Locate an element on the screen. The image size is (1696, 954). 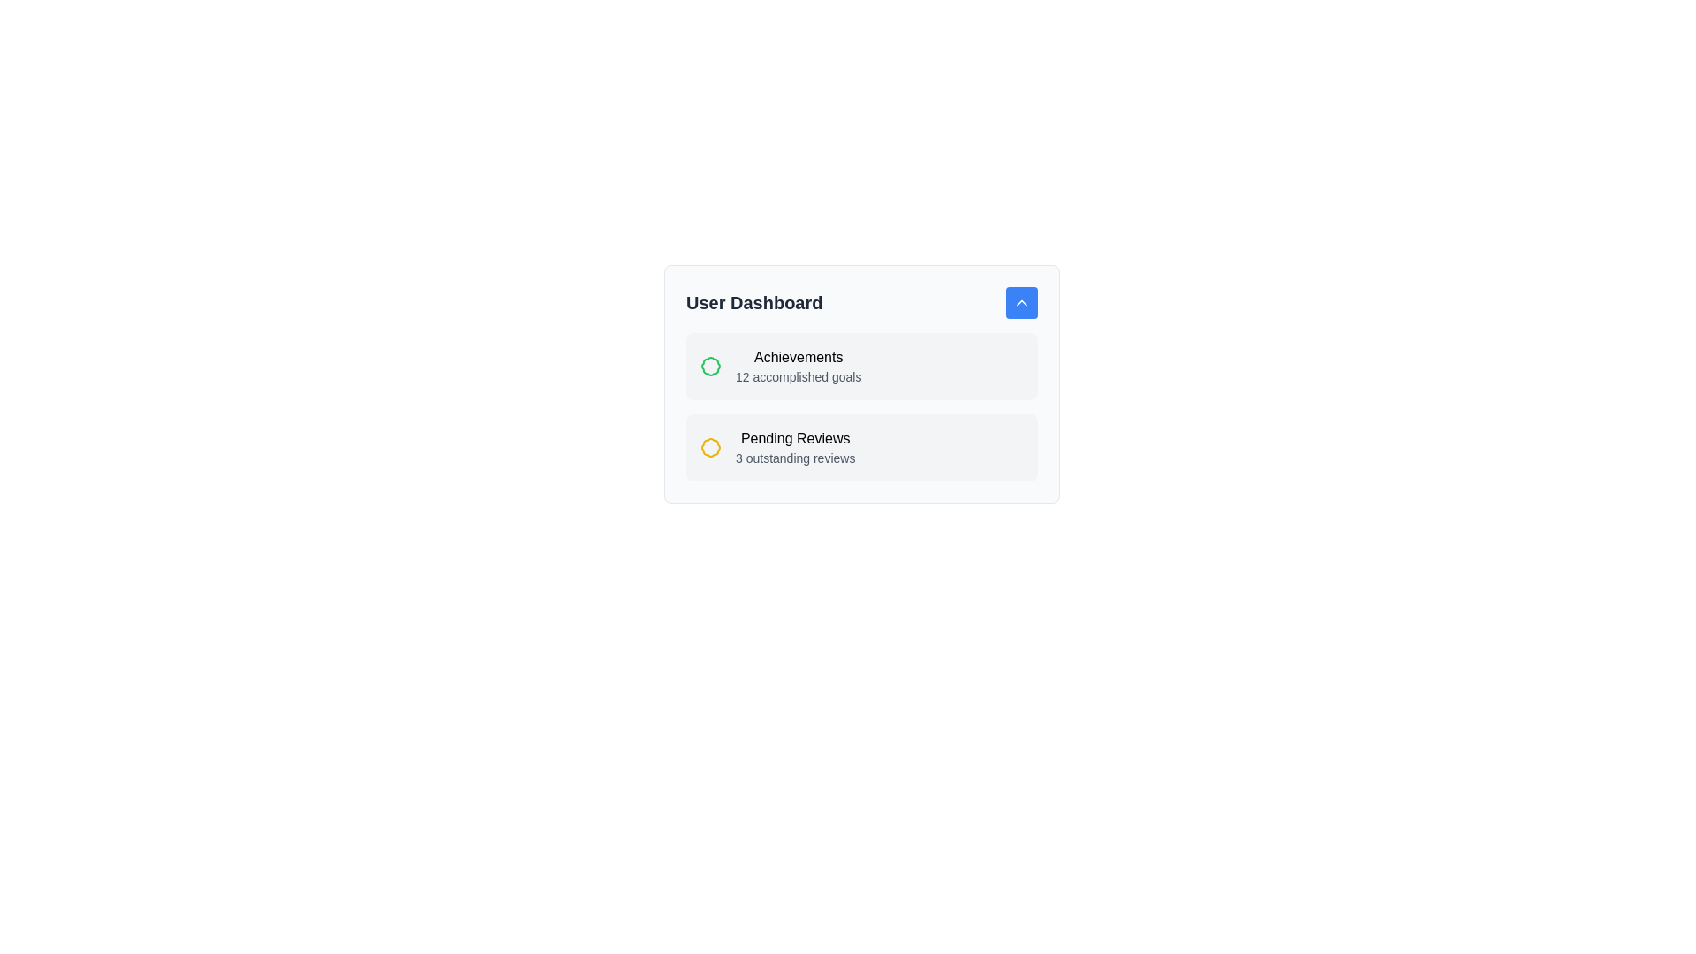
the blue button with rounded corners and a chevron-up icon located at the top-right corner of the 'User Dashboard' panel is located at coordinates (1021, 302).